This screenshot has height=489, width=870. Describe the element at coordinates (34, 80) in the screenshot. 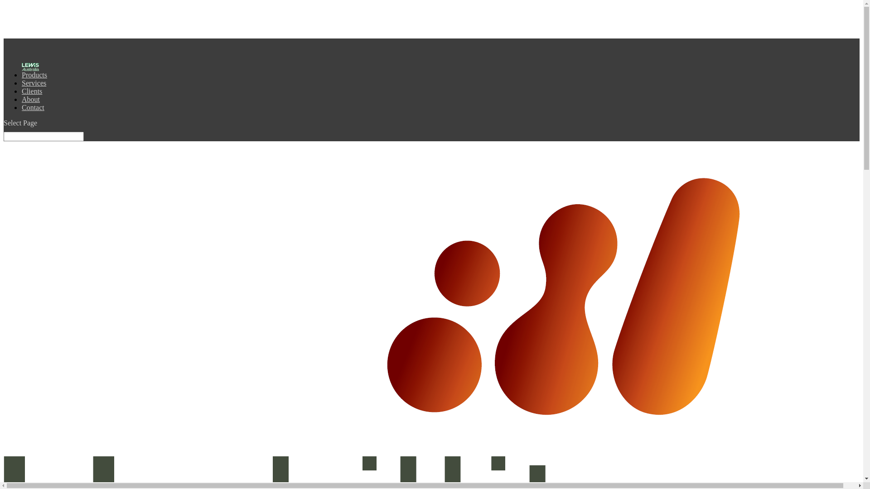

I see `'Products'` at that location.